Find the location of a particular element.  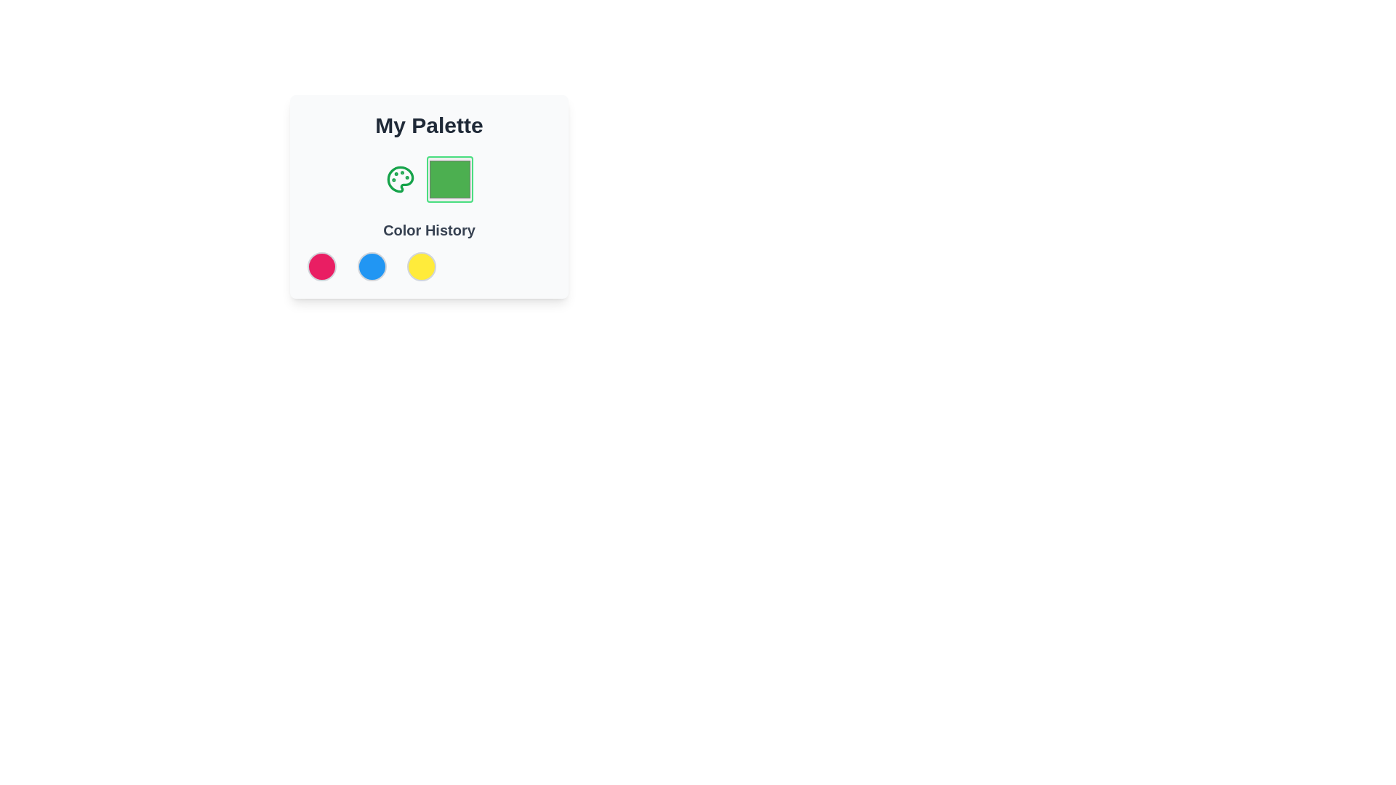

the descriptive label for the color history section located centrally under a graphic icon and a green color square within the 'My Palette' card is located at coordinates (428, 218).